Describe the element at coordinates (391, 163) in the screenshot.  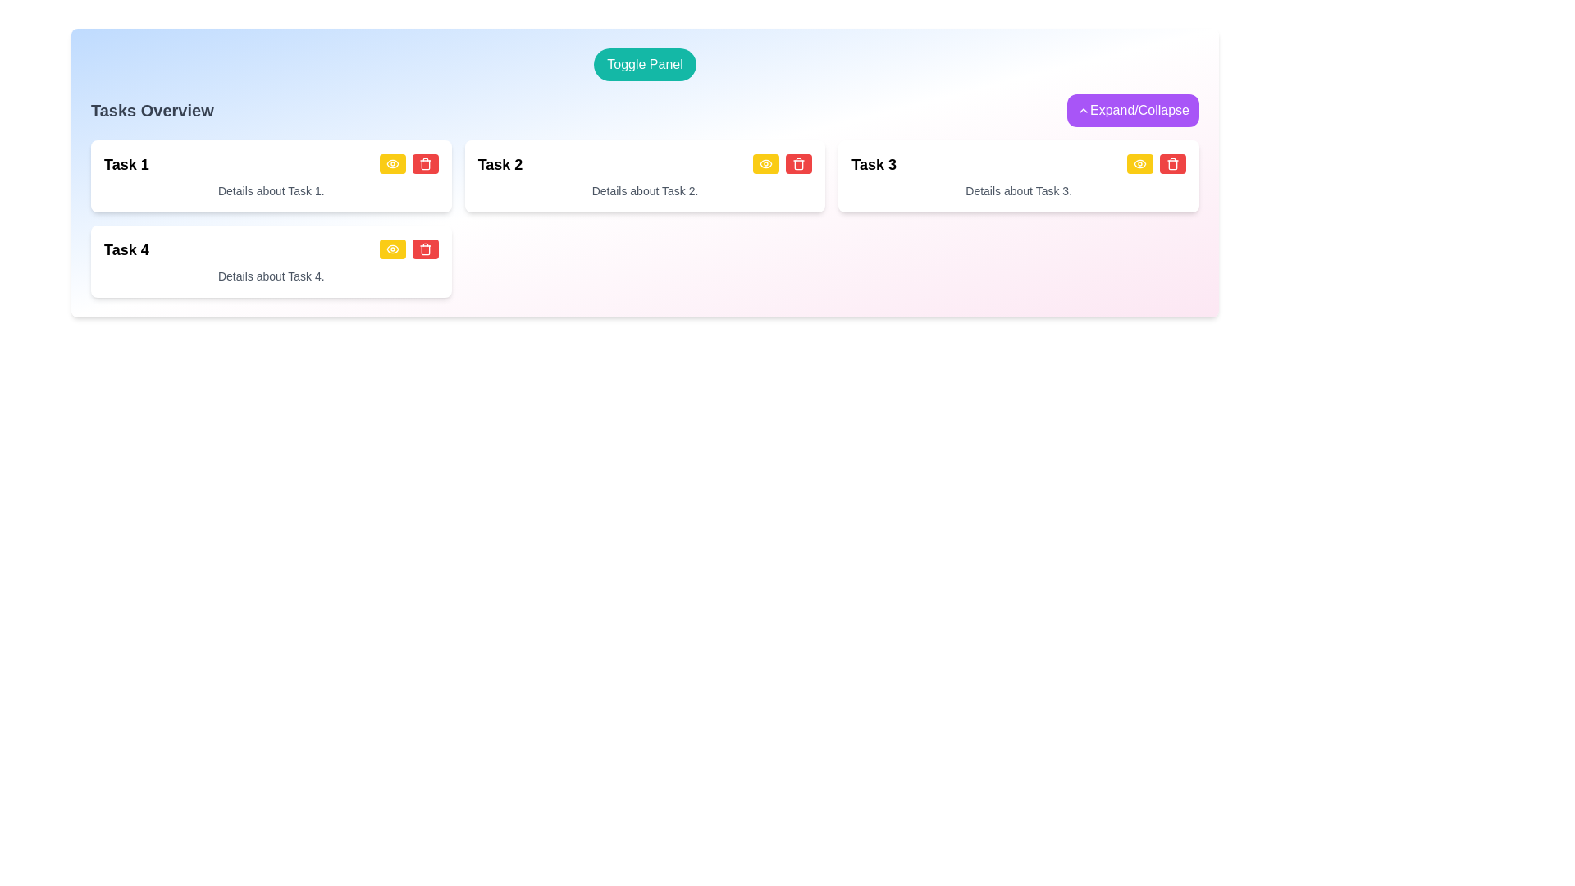
I see `the button located in the upper left section of the 'Task 1' card under the 'Tasks Overview' header` at that location.